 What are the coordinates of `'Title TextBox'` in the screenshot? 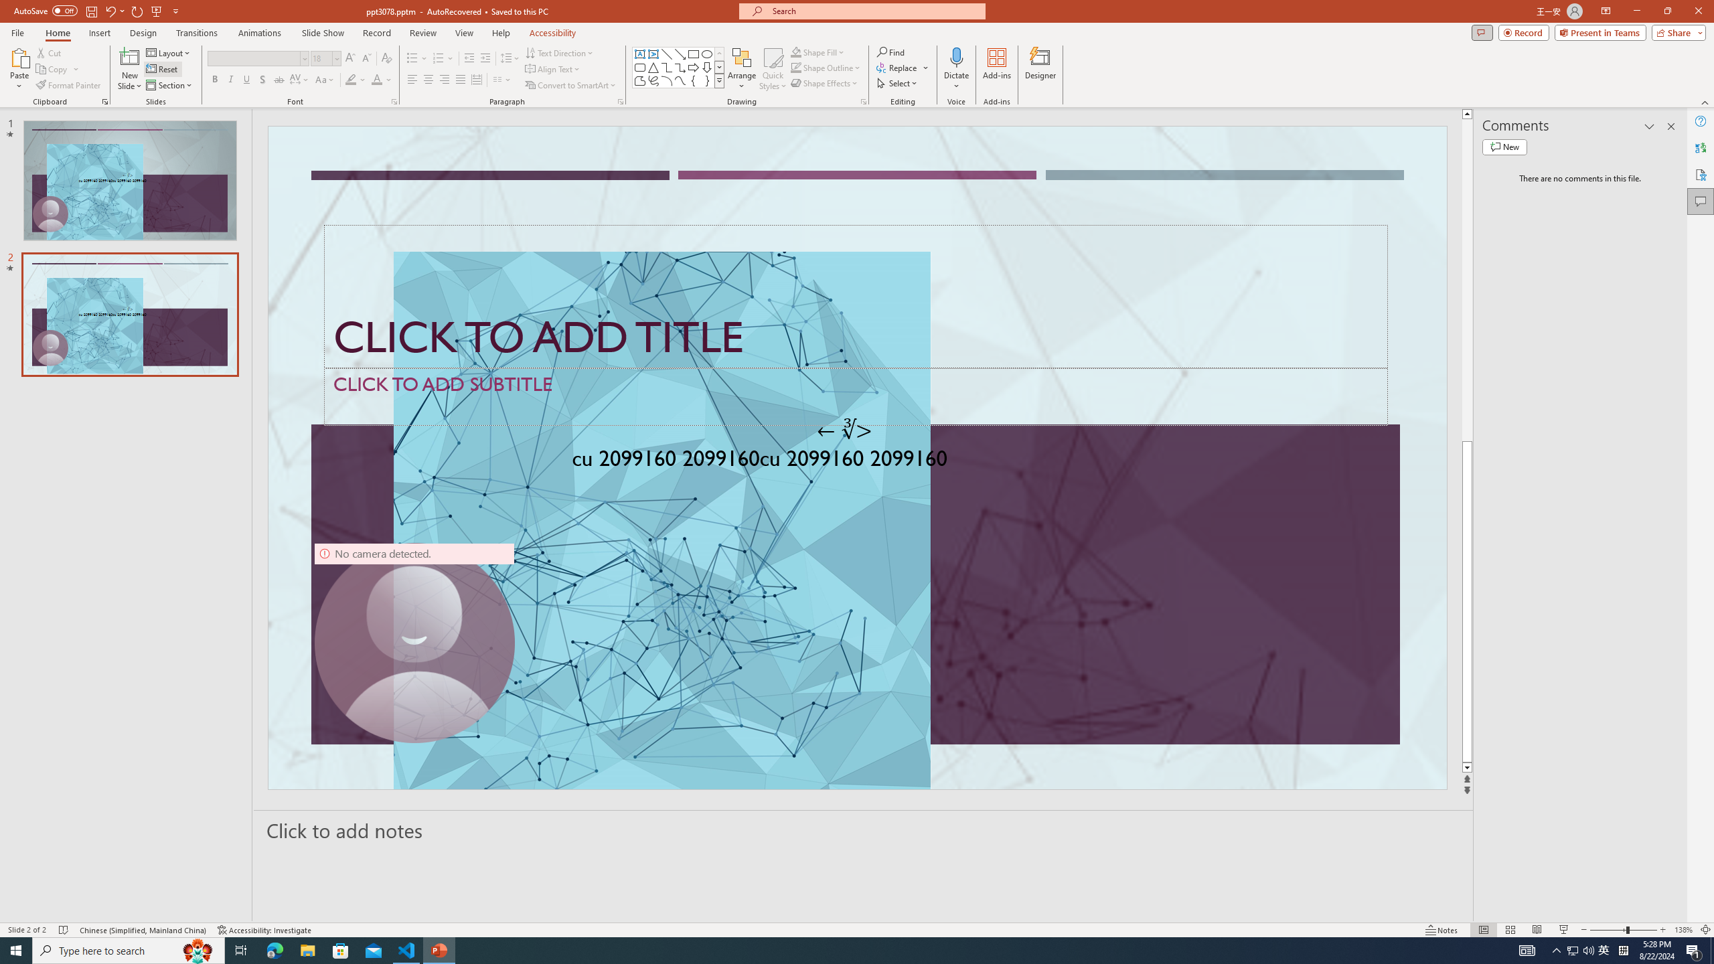 It's located at (855, 297).